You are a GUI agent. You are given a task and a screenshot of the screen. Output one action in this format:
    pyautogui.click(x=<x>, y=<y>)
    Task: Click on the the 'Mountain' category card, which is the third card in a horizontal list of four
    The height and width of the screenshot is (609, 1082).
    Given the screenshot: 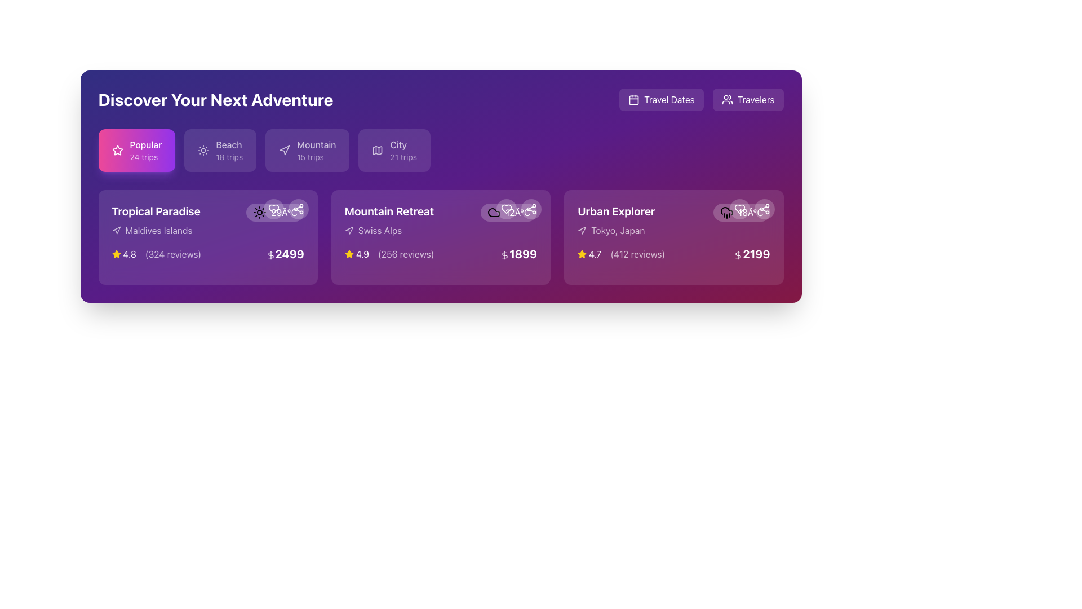 What is the action you would take?
    pyautogui.click(x=307, y=149)
    